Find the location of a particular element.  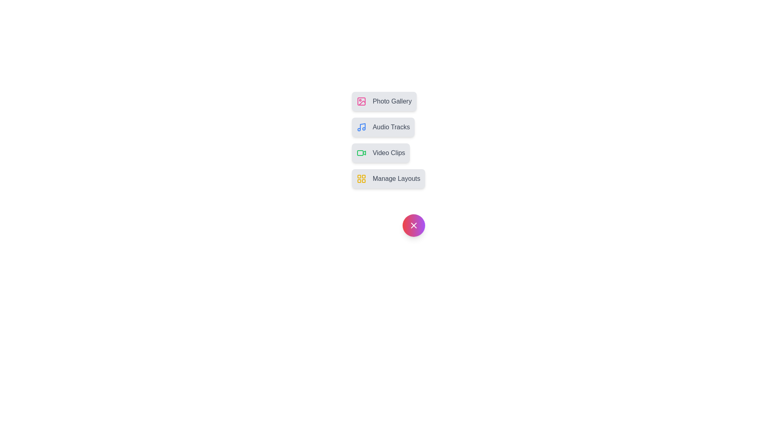

the 'Audio Tracks' button, which is a rectangular button with rounded corners, light gray background, and a blue music note icon is located at coordinates (382, 127).